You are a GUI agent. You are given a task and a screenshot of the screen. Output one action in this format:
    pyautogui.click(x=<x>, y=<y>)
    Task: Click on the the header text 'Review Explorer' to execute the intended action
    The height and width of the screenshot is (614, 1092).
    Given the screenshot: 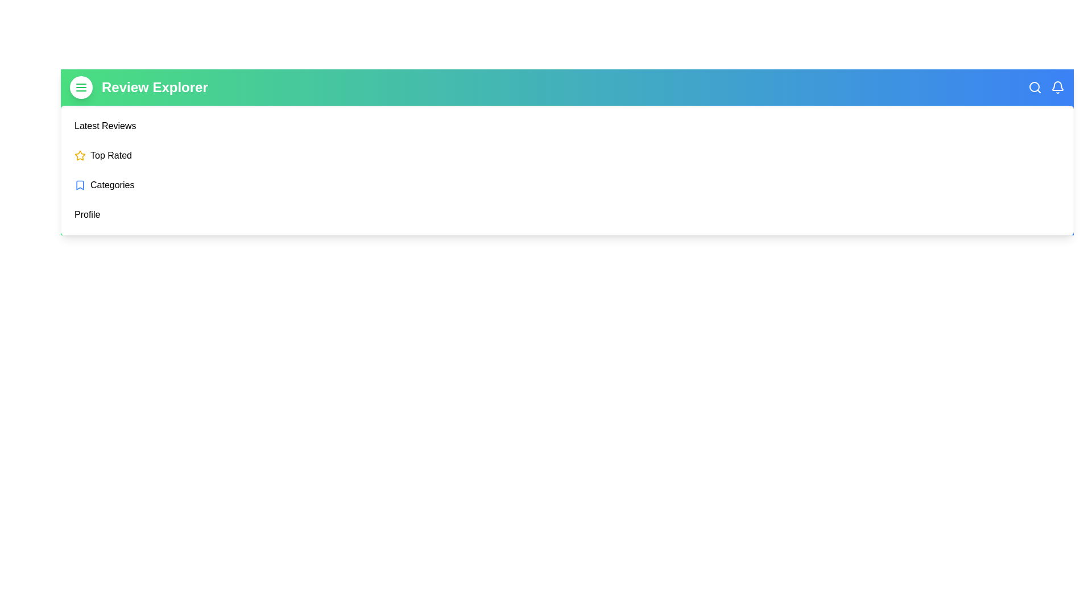 What is the action you would take?
    pyautogui.click(x=154, y=87)
    